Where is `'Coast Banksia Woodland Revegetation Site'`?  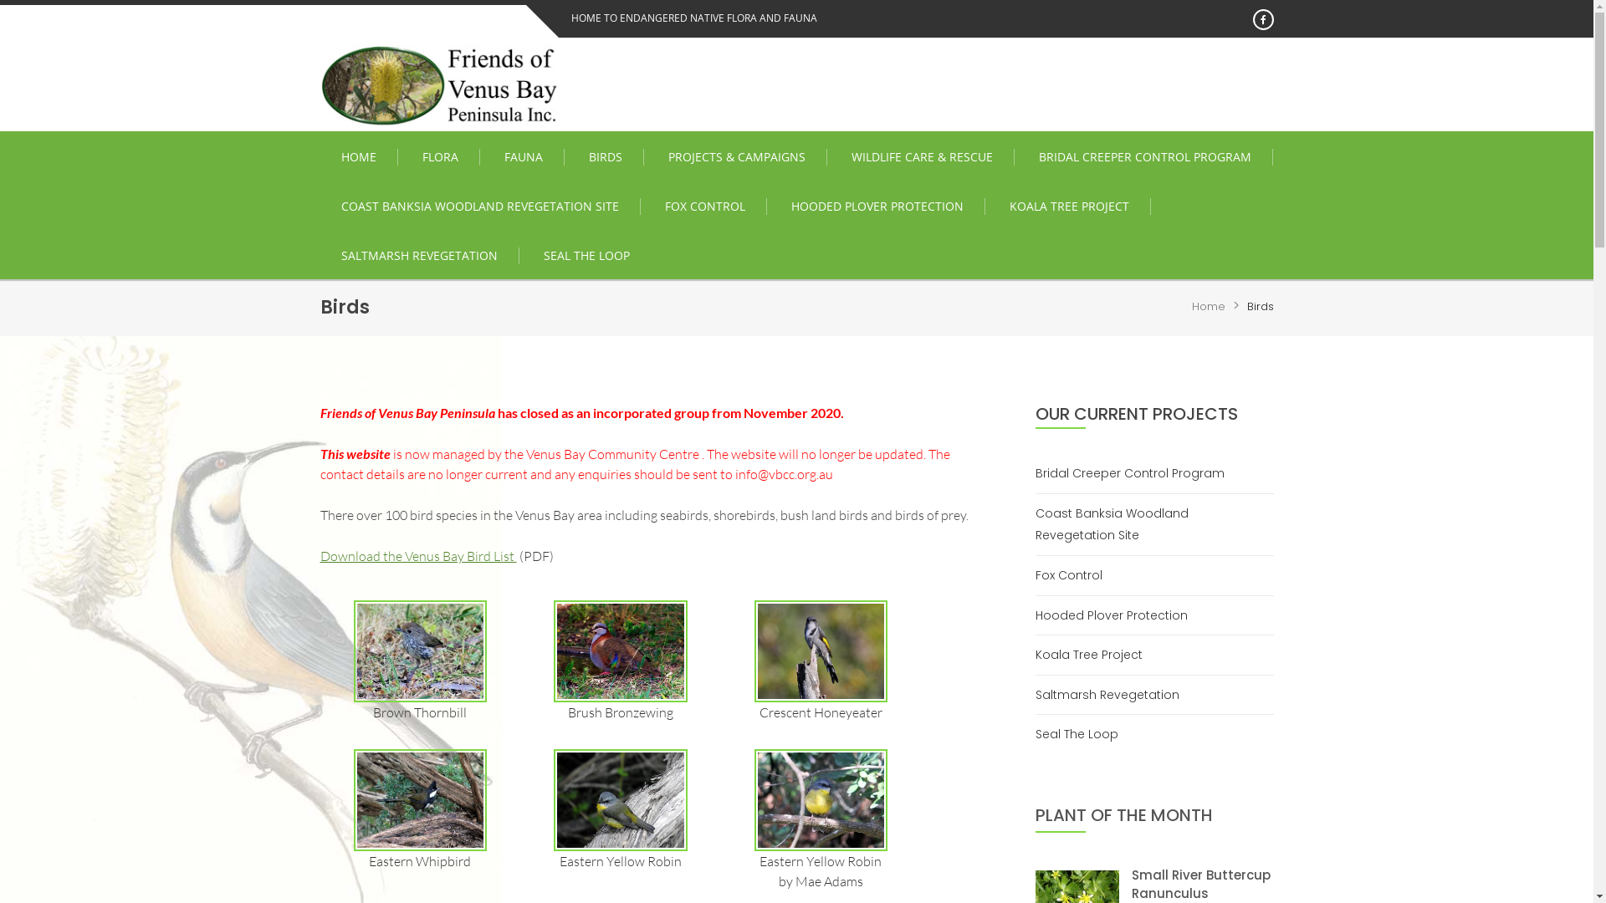 'Coast Banksia Woodland Revegetation Site' is located at coordinates (1153, 523).